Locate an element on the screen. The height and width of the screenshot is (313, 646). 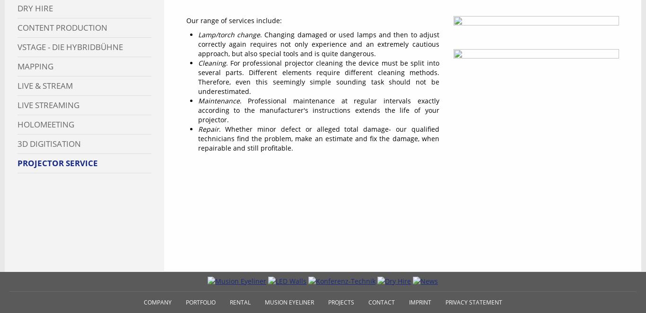
'Live Streaming' is located at coordinates (48, 105).